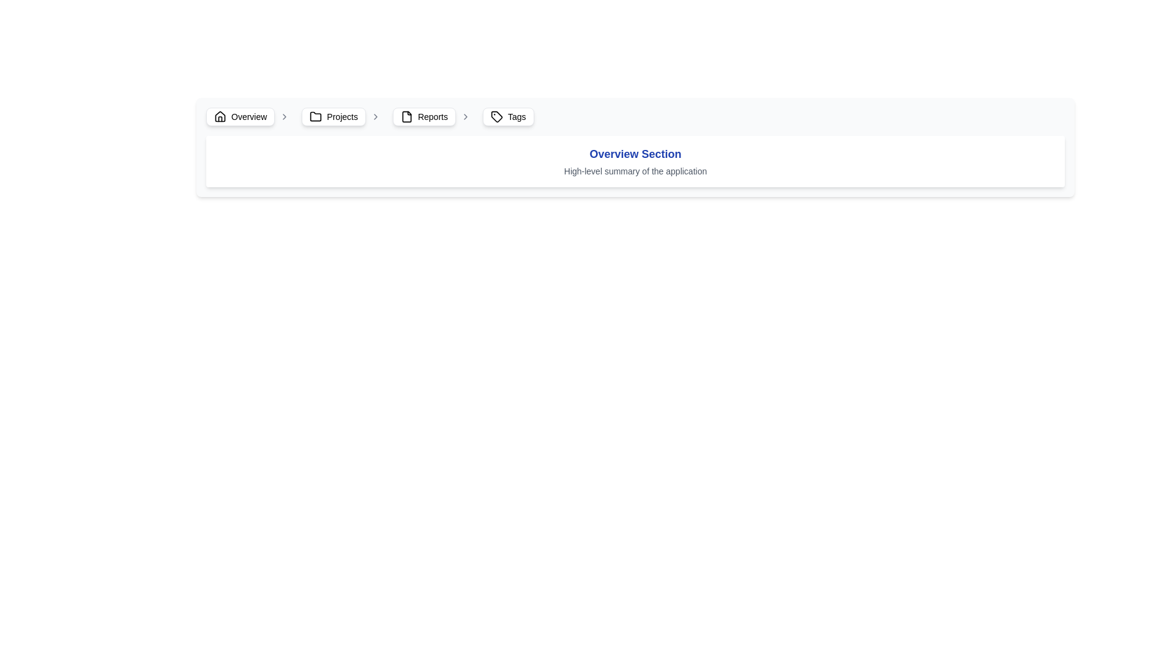 The height and width of the screenshot is (661, 1175). I want to click on the Chevron icon, so click(284, 117).